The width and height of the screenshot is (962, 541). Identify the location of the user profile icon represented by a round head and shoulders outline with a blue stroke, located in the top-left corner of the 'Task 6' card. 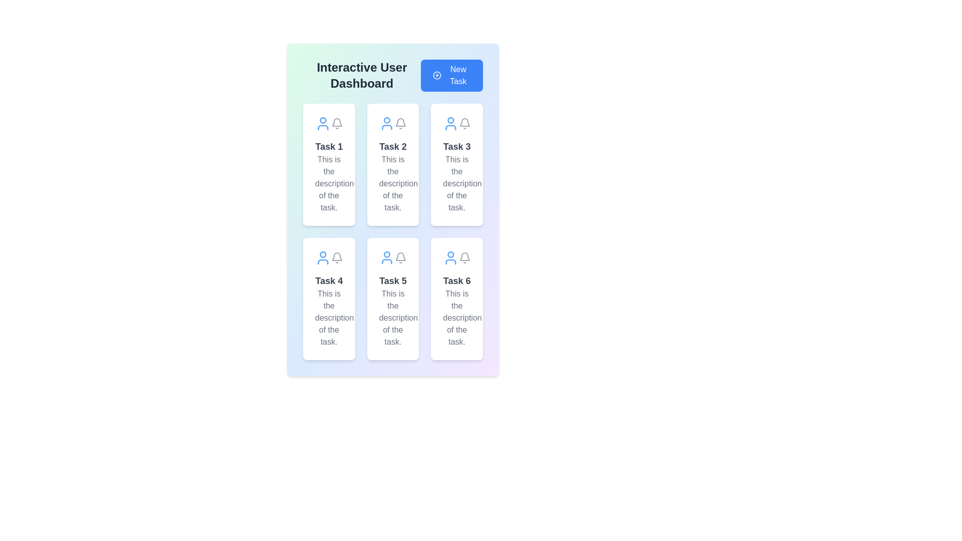
(450, 257).